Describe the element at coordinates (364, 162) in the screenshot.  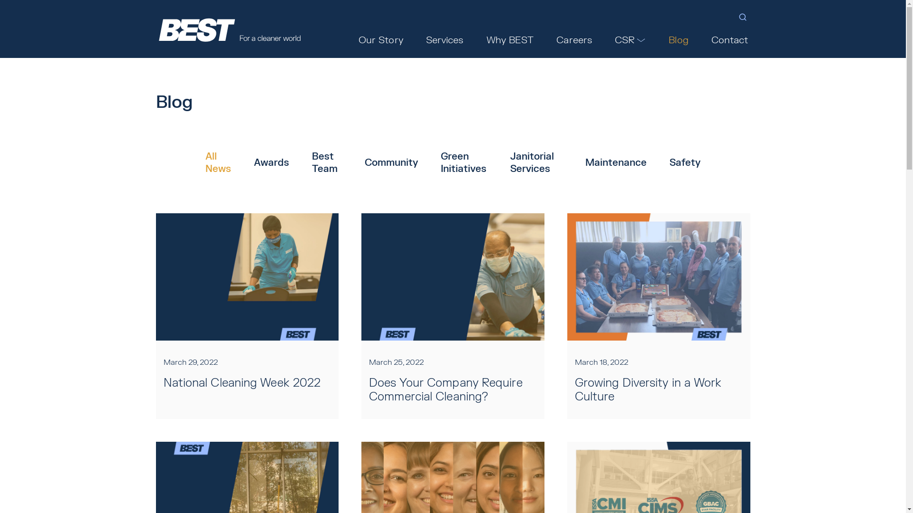
I see `'Community'` at that location.